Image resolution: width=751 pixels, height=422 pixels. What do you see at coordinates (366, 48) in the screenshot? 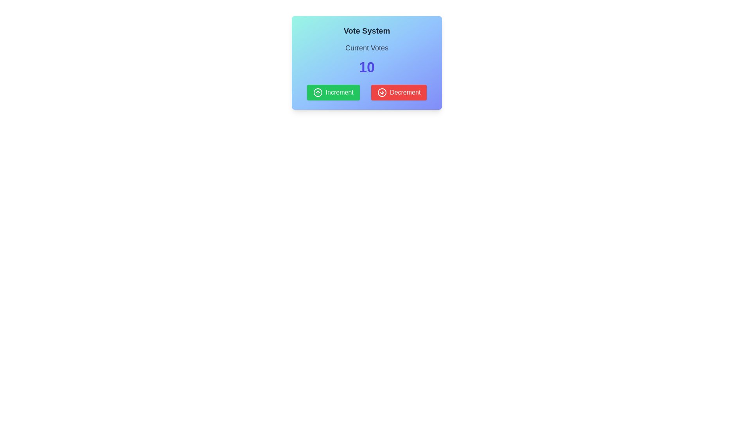
I see `the upper text label that indicates the meaning of the numerical value displayed below it, which is directly above the number '10'` at bounding box center [366, 48].